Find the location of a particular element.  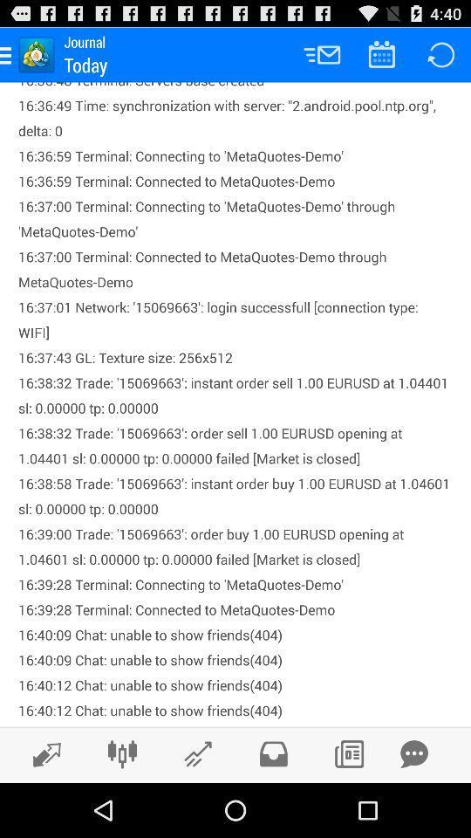

the edit icon is located at coordinates (42, 807).